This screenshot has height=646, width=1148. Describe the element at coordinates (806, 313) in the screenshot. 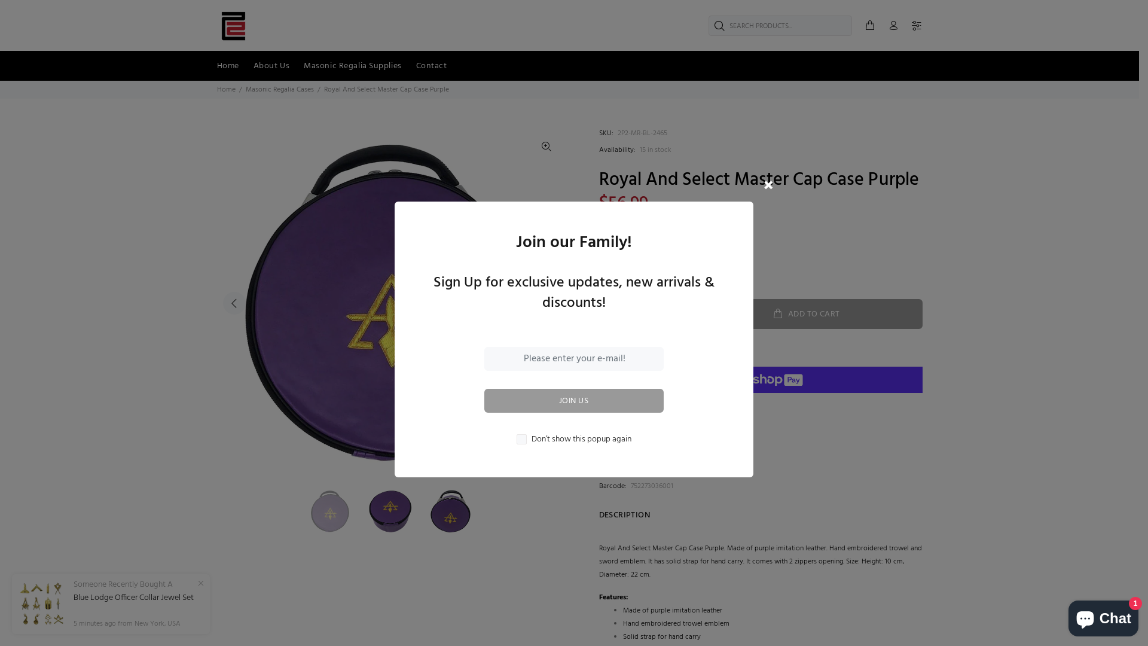

I see `'ADD TO CART'` at that location.